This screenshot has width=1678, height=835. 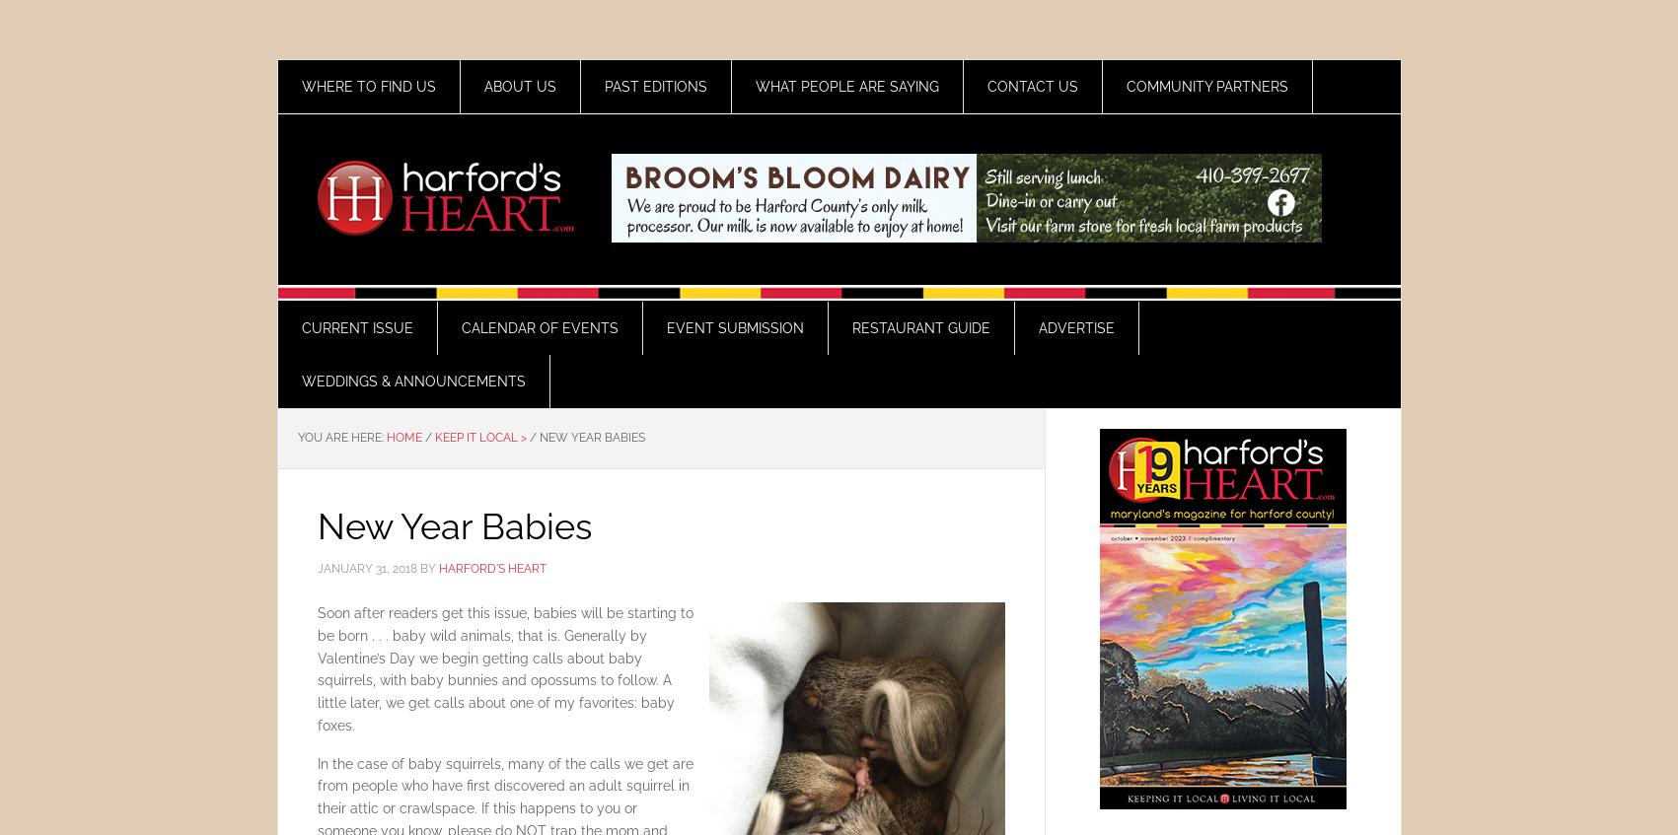 I want to click on 'Restaurant Guide', so click(x=918, y=328).